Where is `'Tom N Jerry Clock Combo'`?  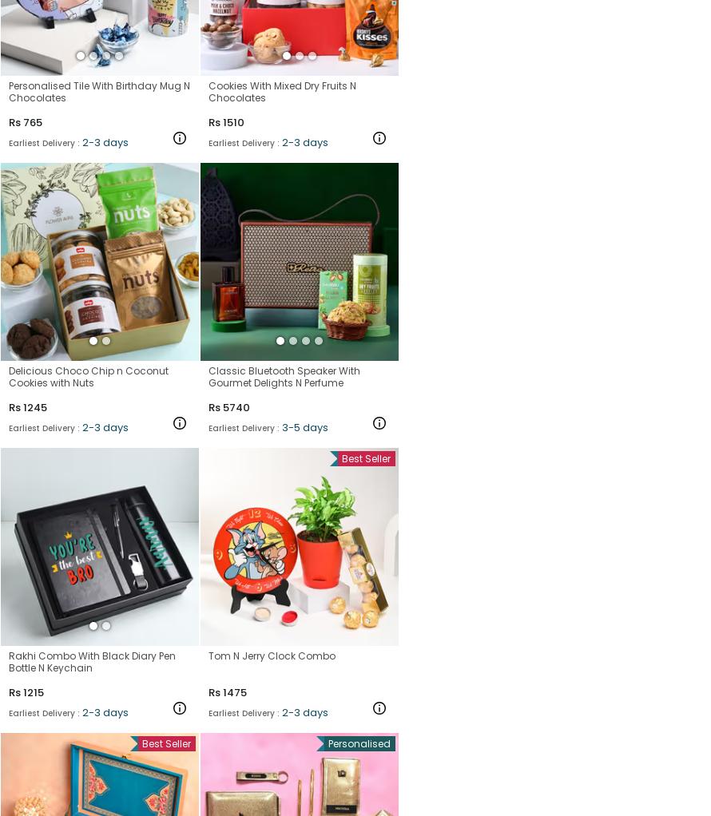 'Tom N Jerry Clock Combo' is located at coordinates (272, 654).